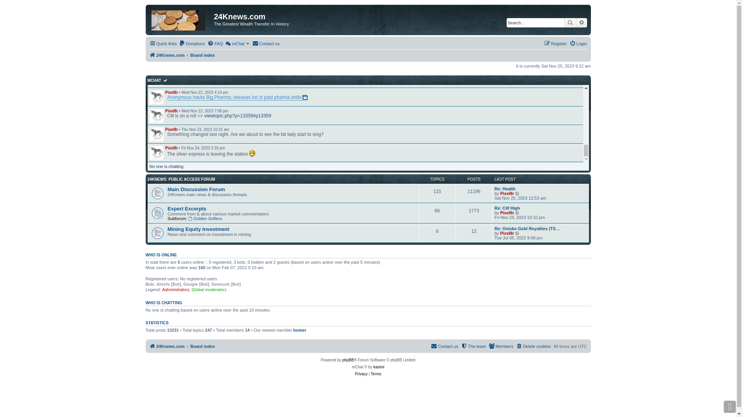  I want to click on 'View the latest post', so click(517, 193).